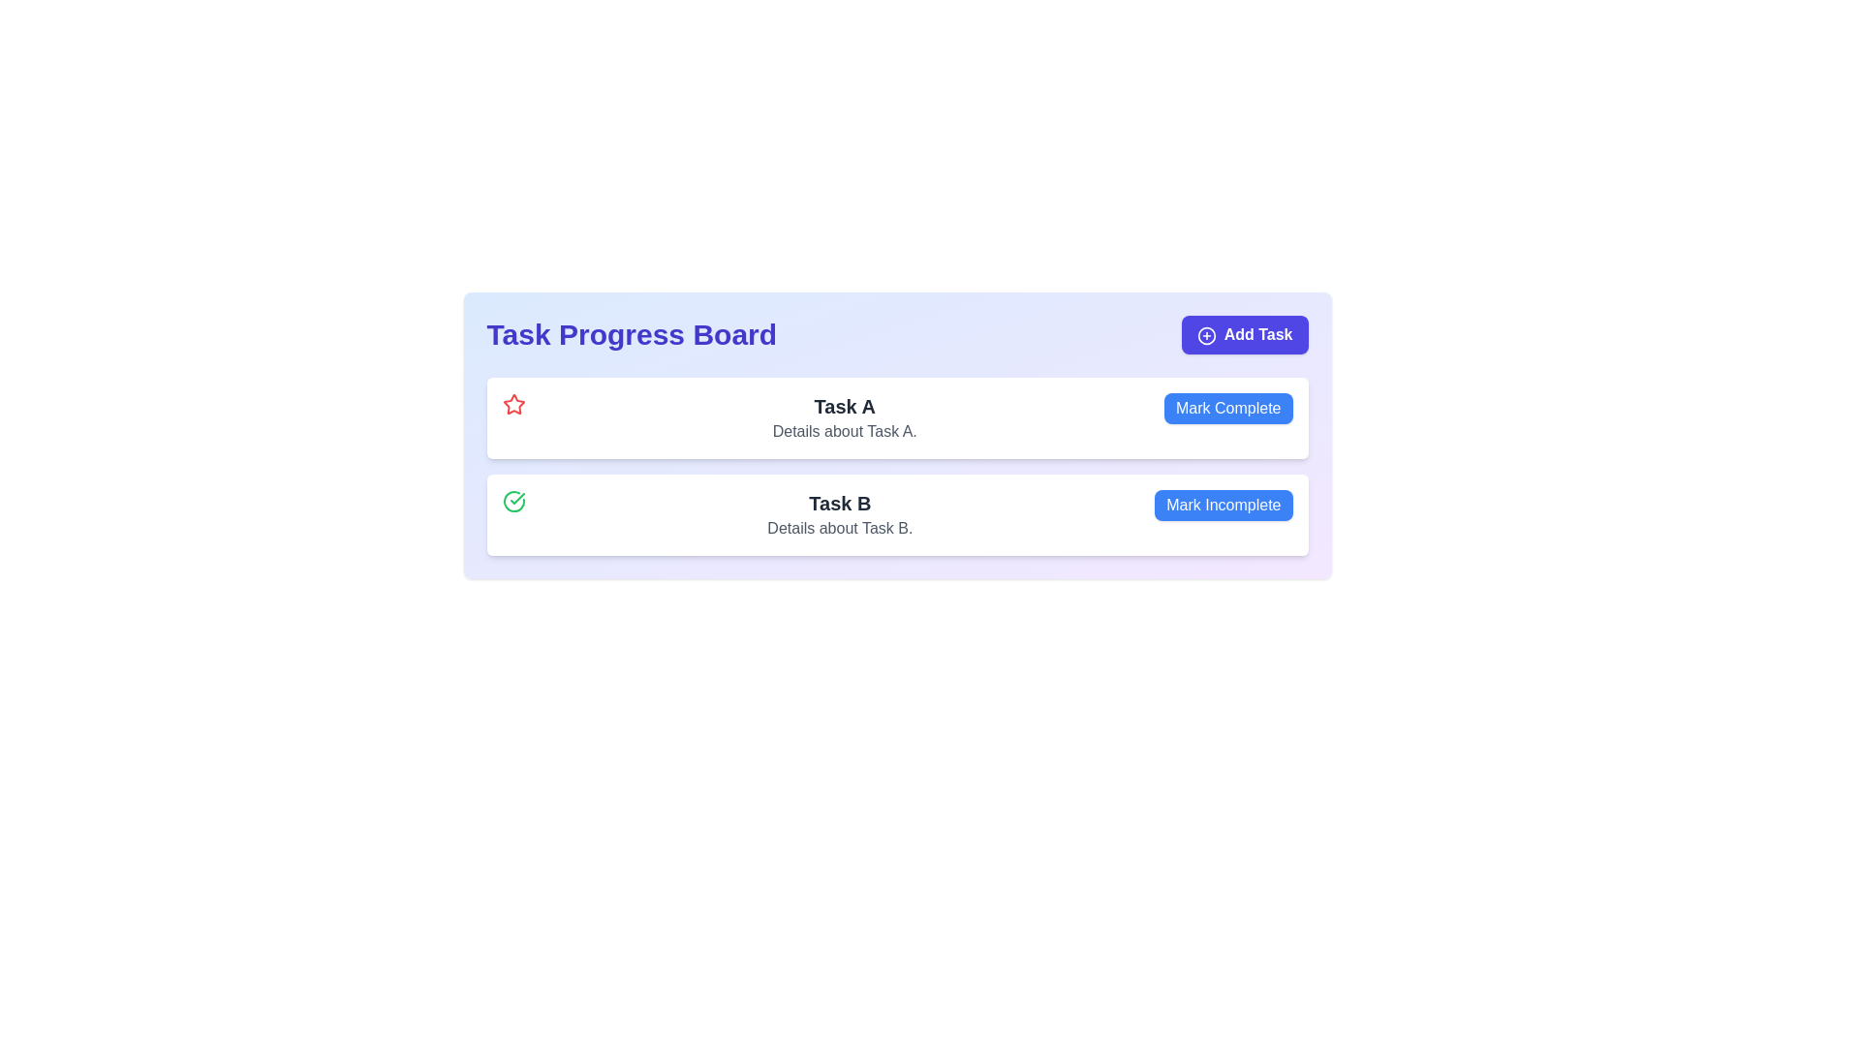 The width and height of the screenshot is (1860, 1046). I want to click on the Status icon, a circular icon with a green ring and a checkmark in its center, located on the left side of the row for 'Task B', so click(513, 500).